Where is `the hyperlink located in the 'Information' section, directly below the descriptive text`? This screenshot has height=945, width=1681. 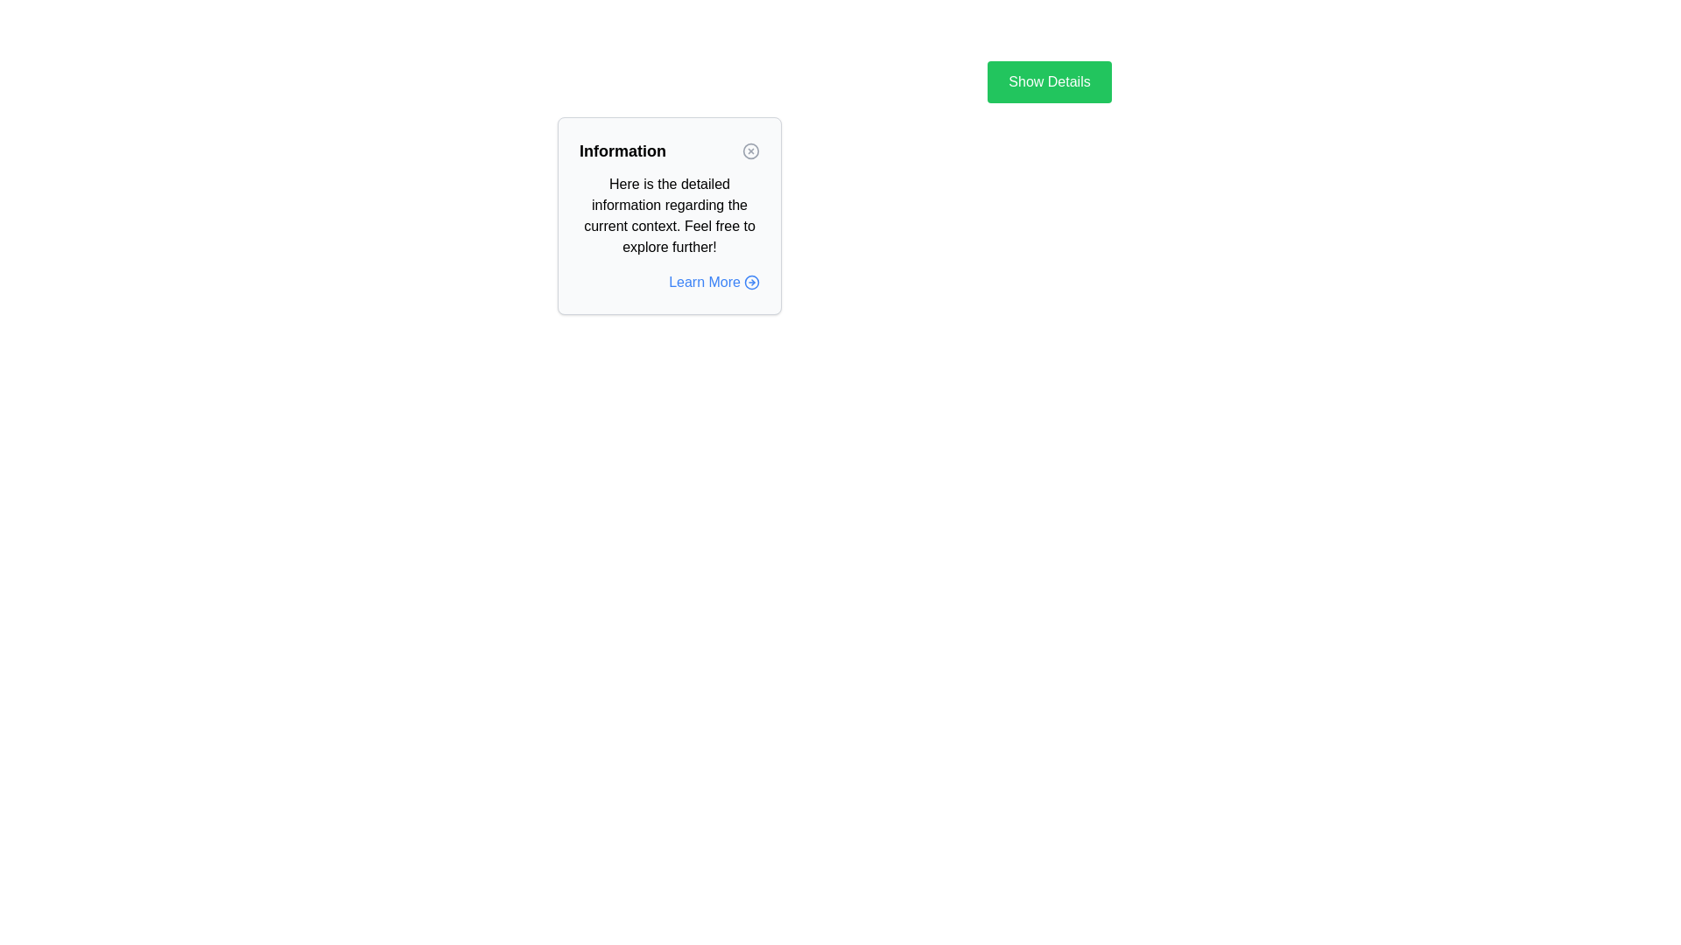
the hyperlink located in the 'Information' section, directly below the descriptive text is located at coordinates (714, 282).